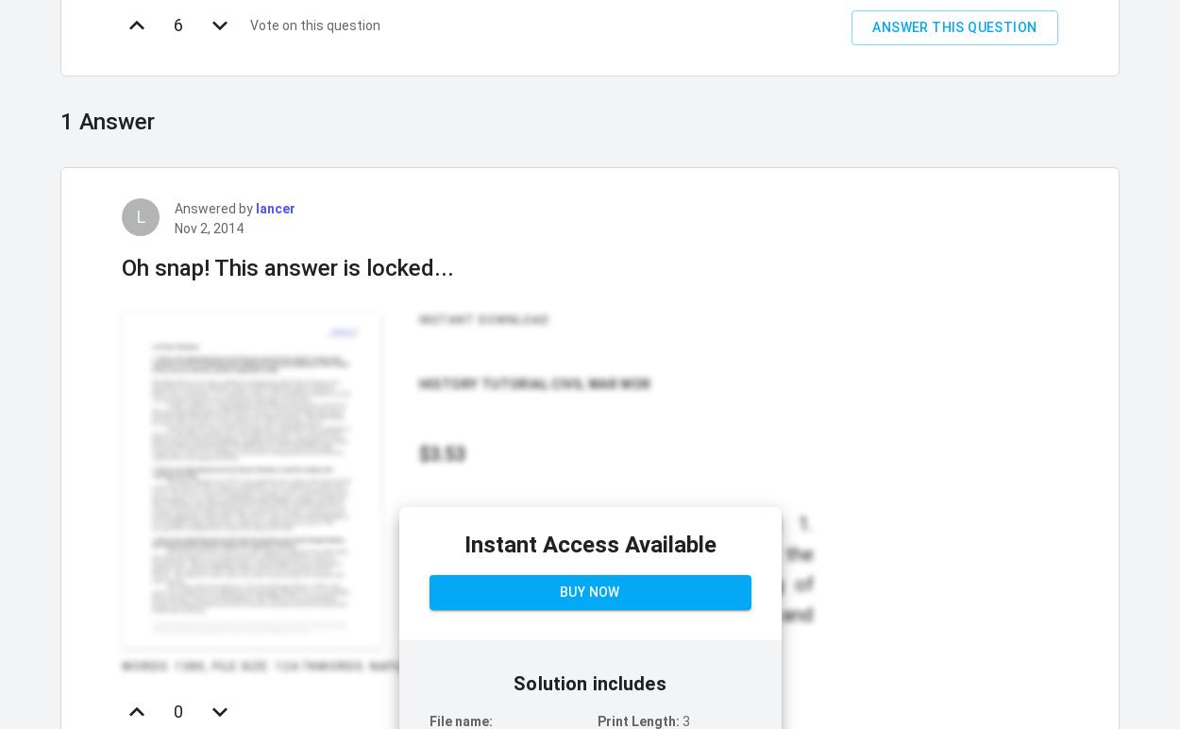  Describe the element at coordinates (764, 642) in the screenshot. I see `'...'` at that location.